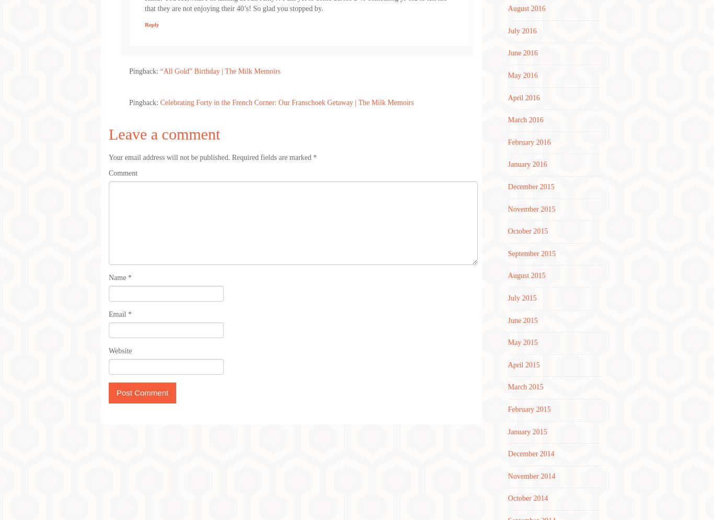 This screenshot has width=714, height=520. I want to click on 'August 2015', so click(526, 275).